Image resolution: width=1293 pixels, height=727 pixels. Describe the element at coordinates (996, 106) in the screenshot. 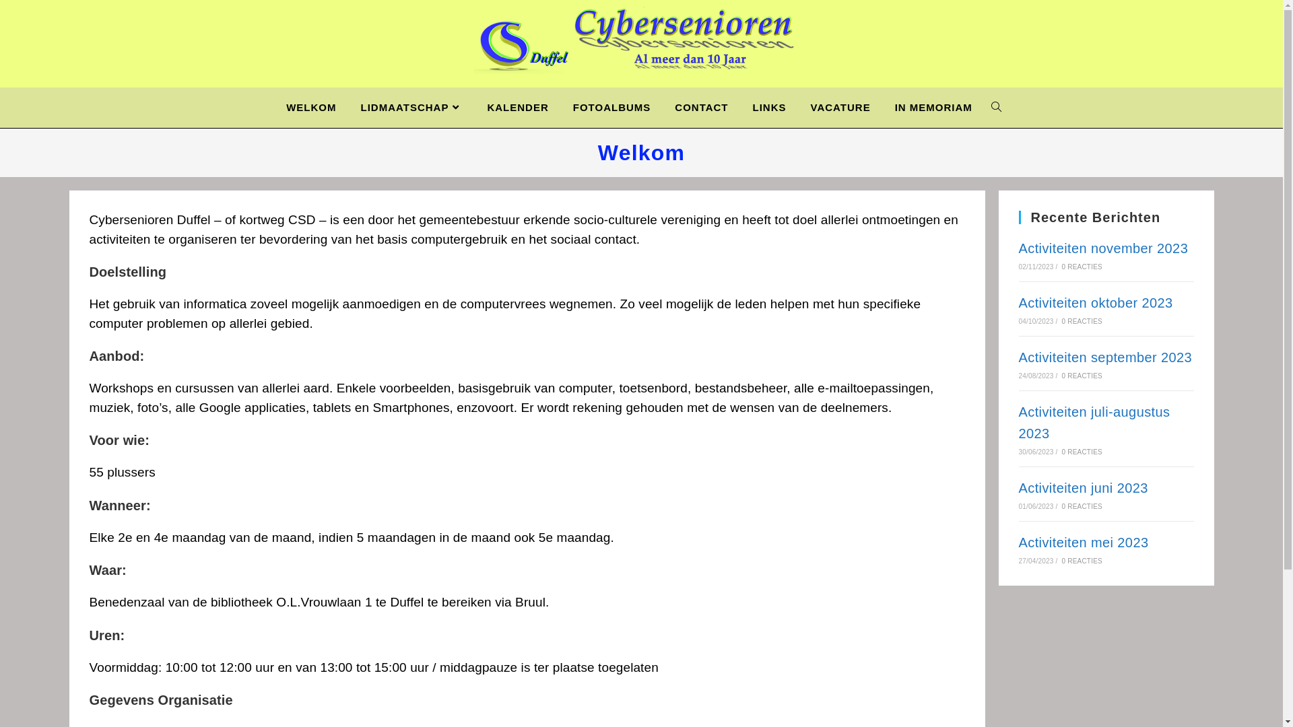

I see `'TOGGLE WEBSITE ZOEKEN'` at that location.